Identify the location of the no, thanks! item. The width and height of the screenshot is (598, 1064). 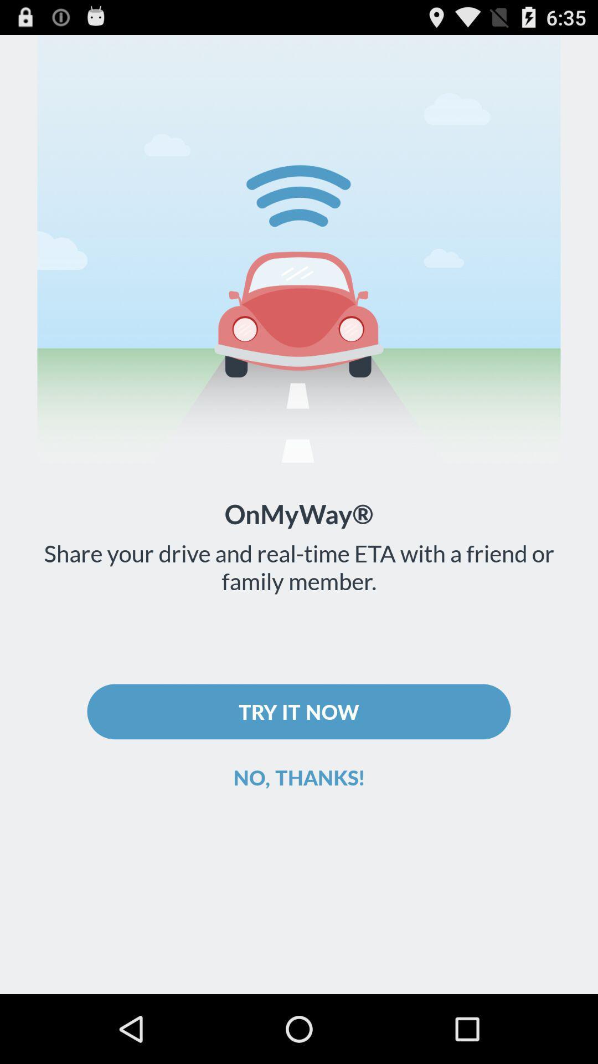
(299, 776).